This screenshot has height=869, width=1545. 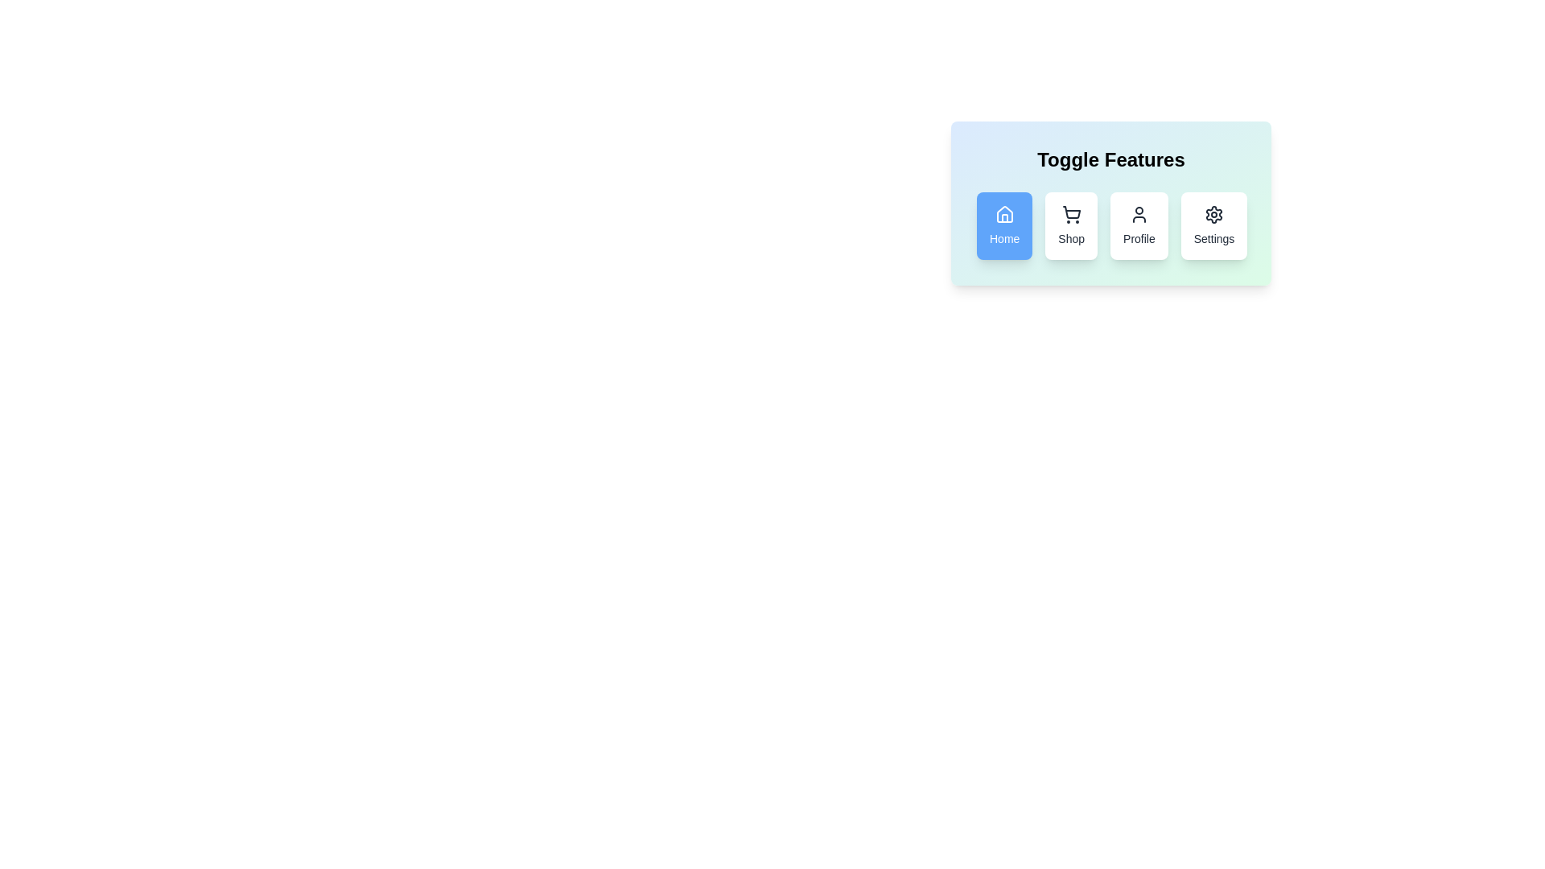 I want to click on the feature button labeled Settings to observe visual feedback, so click(x=1214, y=226).